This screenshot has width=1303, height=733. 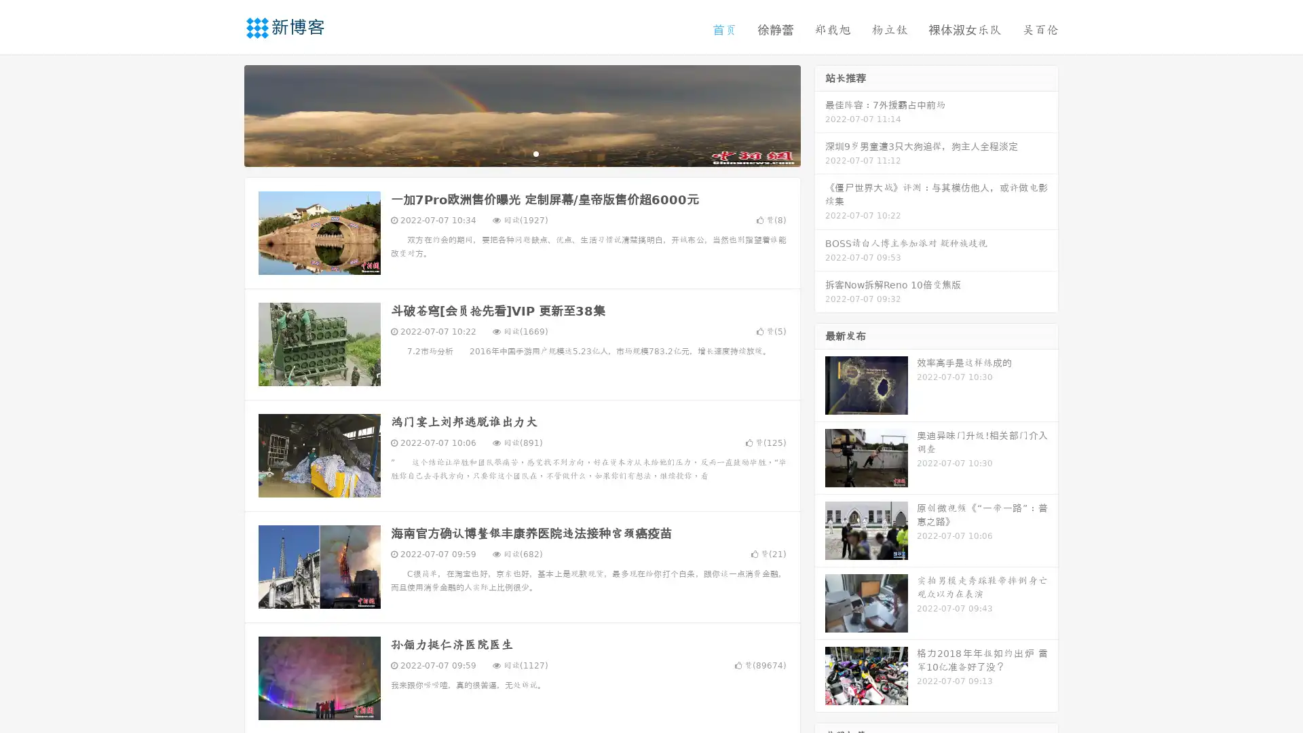 What do you see at coordinates (224, 114) in the screenshot?
I see `Previous slide` at bounding box center [224, 114].